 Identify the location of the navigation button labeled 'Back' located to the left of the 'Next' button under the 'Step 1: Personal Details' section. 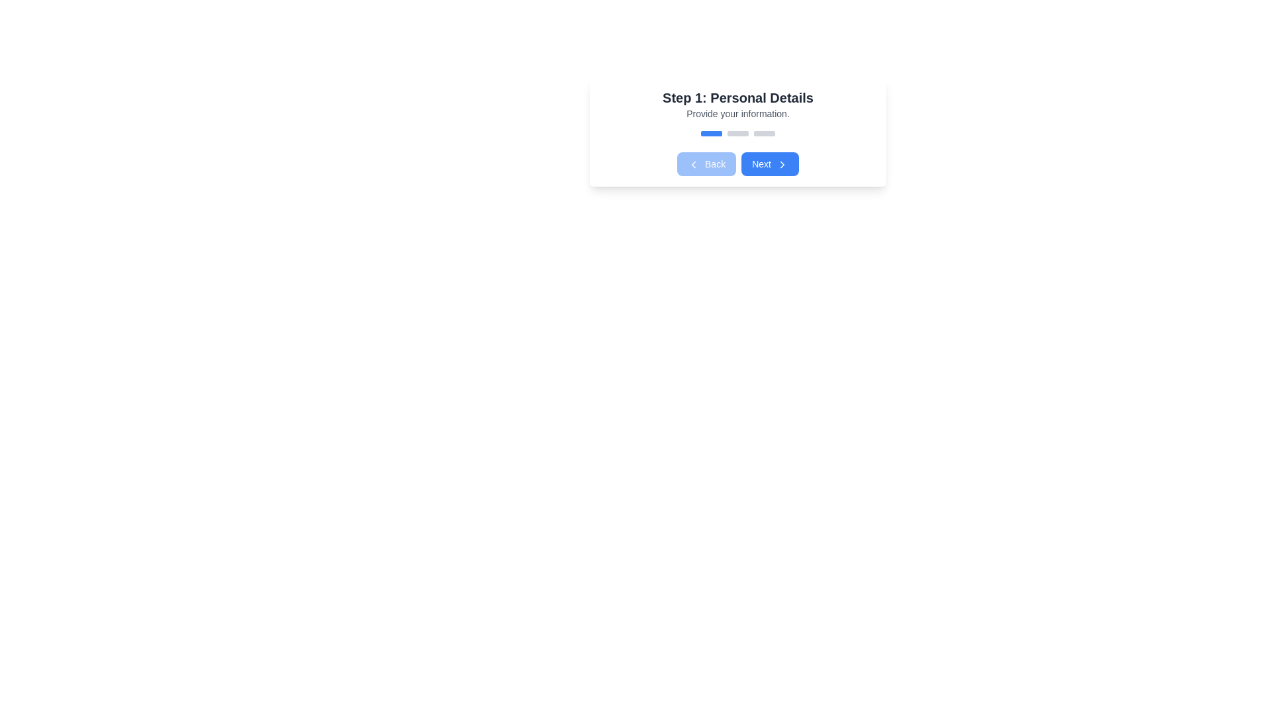
(706, 164).